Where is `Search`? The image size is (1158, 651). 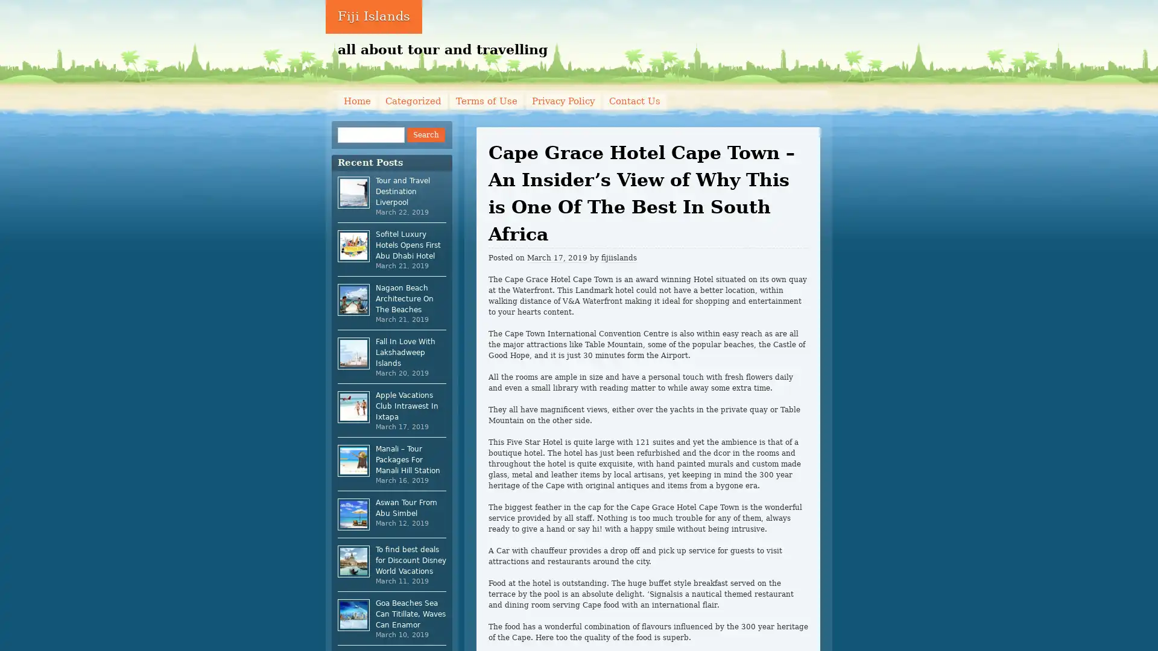 Search is located at coordinates (425, 134).